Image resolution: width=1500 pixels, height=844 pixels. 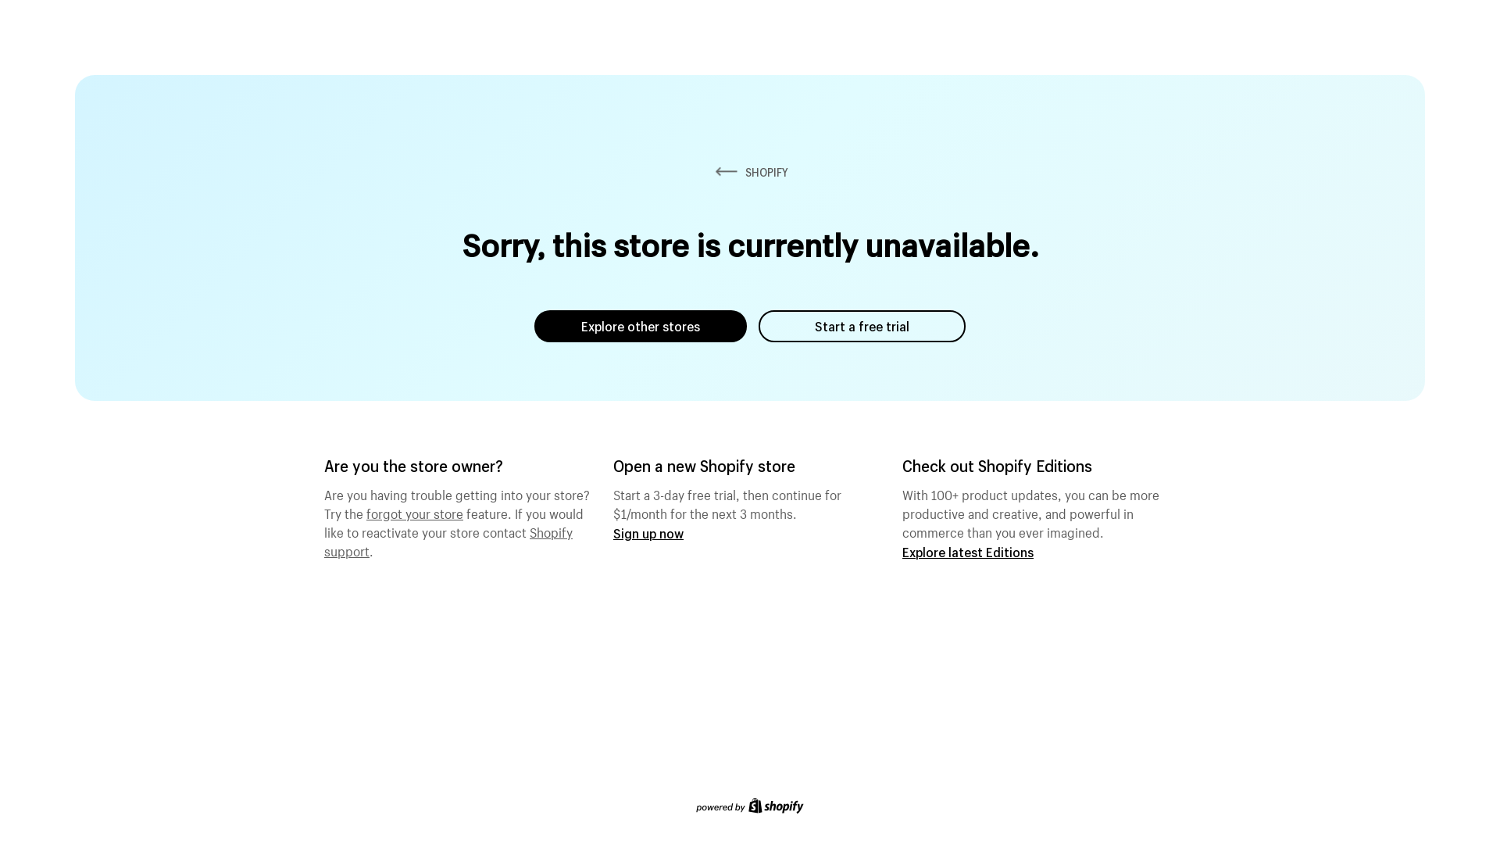 What do you see at coordinates (415, 512) in the screenshot?
I see `'forgot your store'` at bounding box center [415, 512].